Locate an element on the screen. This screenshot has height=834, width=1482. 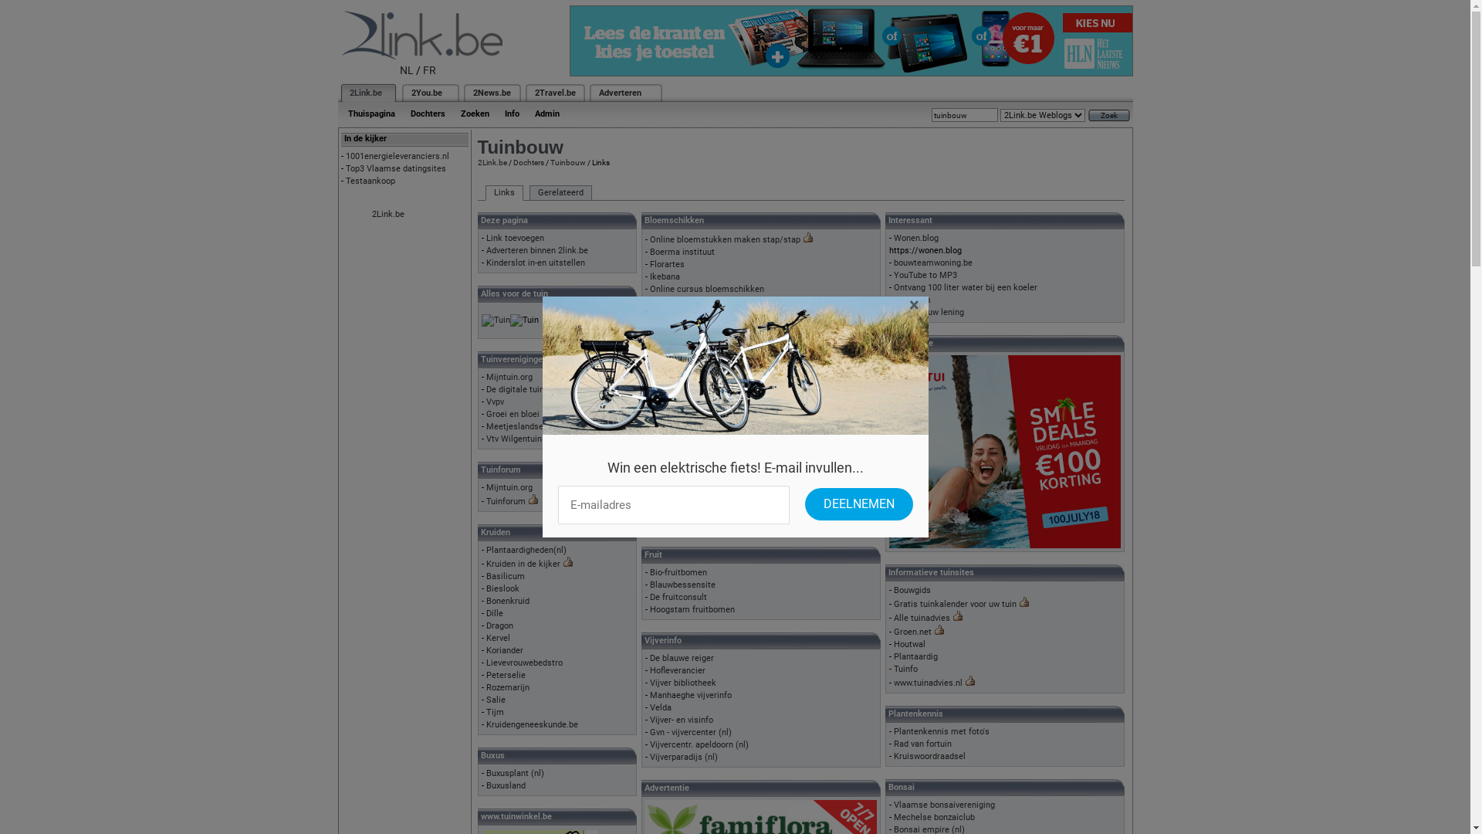
'Gerelateerd' is located at coordinates (560, 192).